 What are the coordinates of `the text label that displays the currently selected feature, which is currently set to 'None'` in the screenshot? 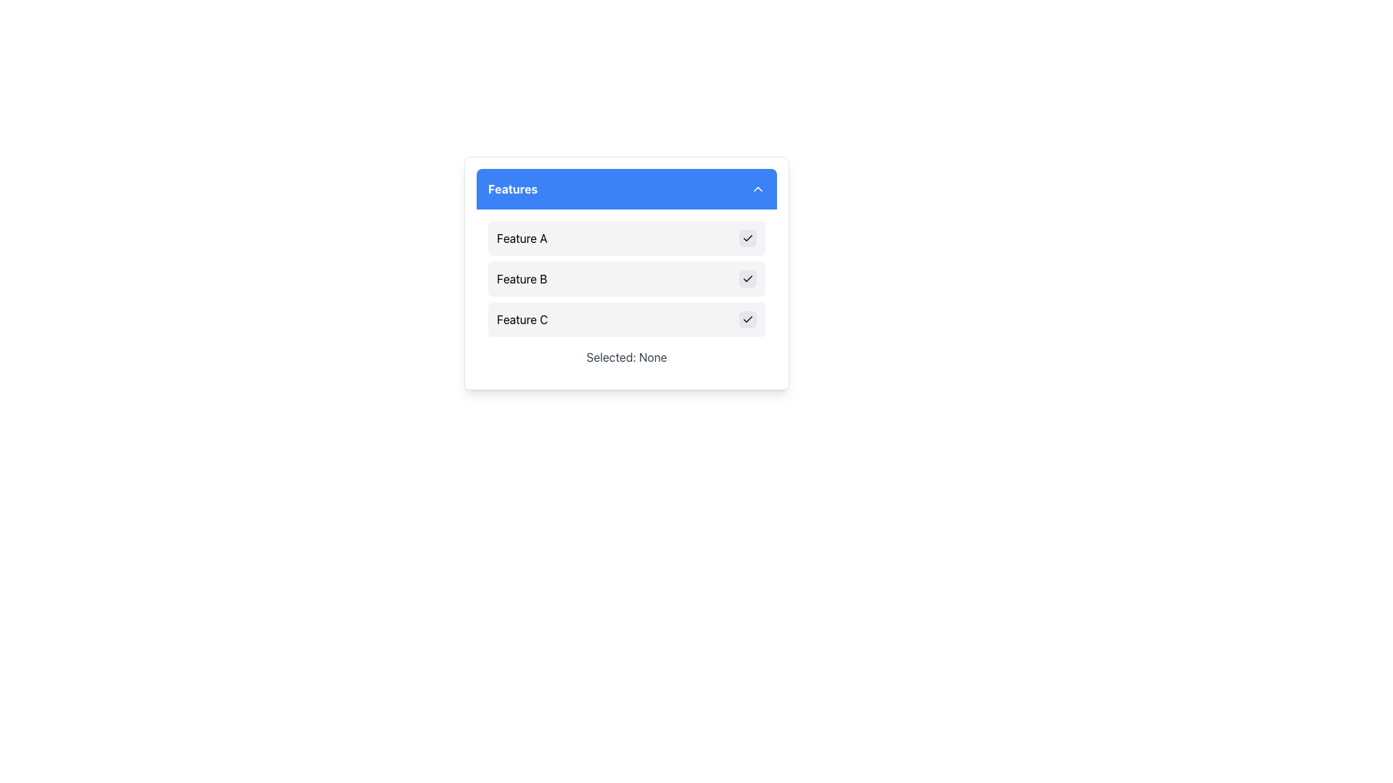 It's located at (627, 357).